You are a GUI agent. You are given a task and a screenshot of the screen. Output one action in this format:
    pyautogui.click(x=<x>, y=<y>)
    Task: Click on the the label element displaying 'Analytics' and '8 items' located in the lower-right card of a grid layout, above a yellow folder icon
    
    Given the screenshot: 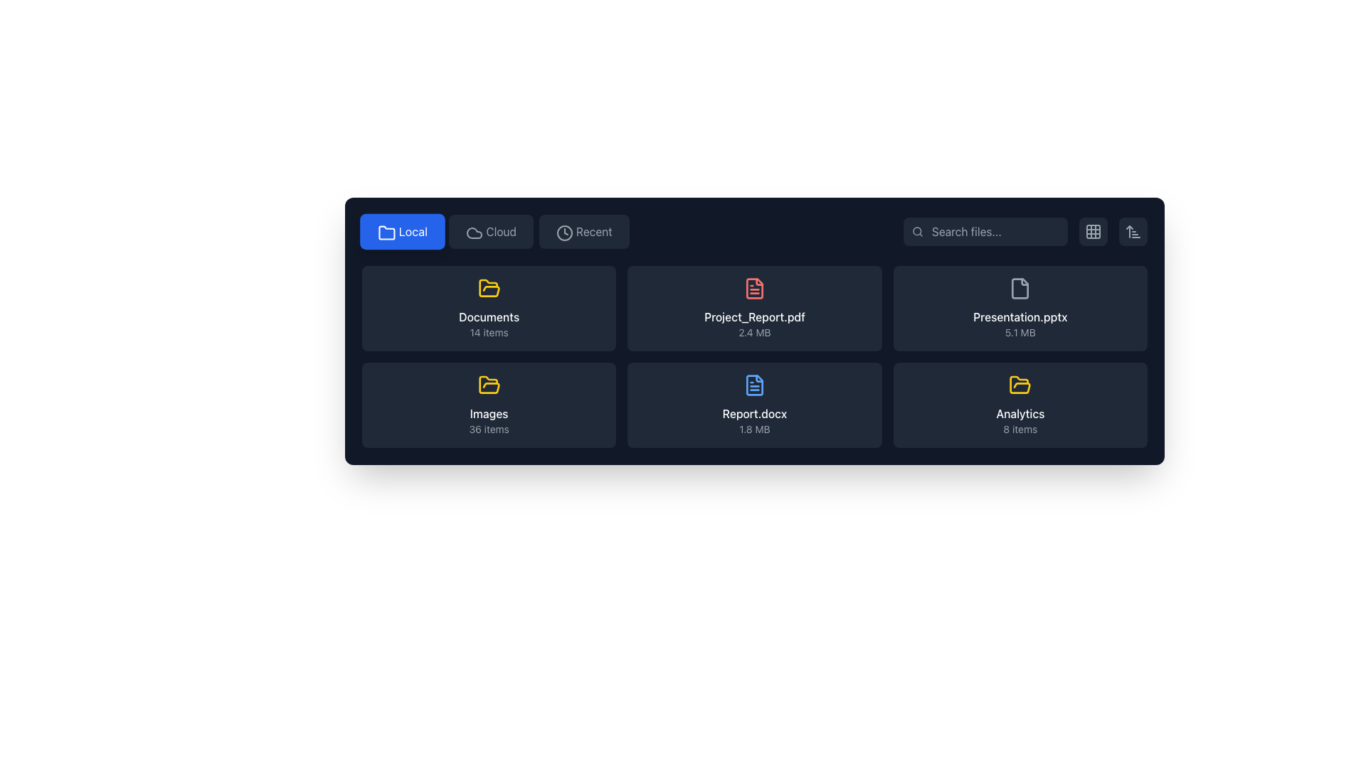 What is the action you would take?
    pyautogui.click(x=1020, y=420)
    